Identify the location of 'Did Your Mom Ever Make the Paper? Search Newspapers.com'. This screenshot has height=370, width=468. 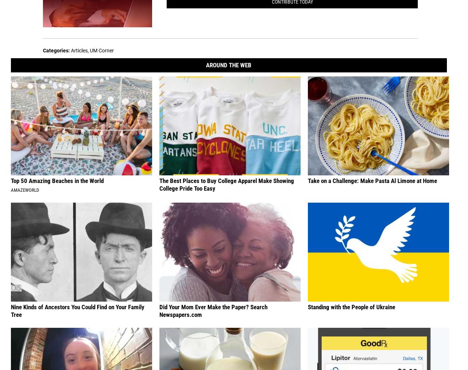
(213, 311).